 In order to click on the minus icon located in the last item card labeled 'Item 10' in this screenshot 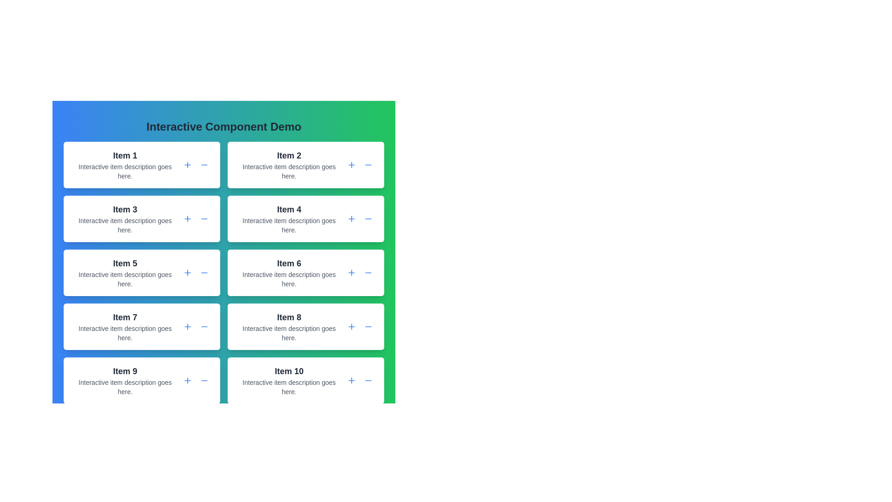, I will do `click(367, 380)`.